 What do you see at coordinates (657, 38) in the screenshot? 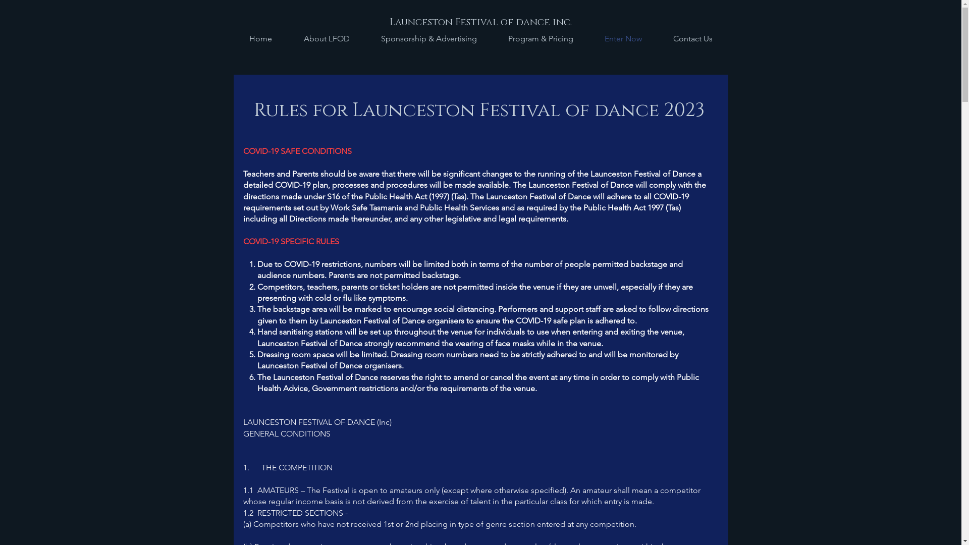
I see `'Contact Us'` at bounding box center [657, 38].